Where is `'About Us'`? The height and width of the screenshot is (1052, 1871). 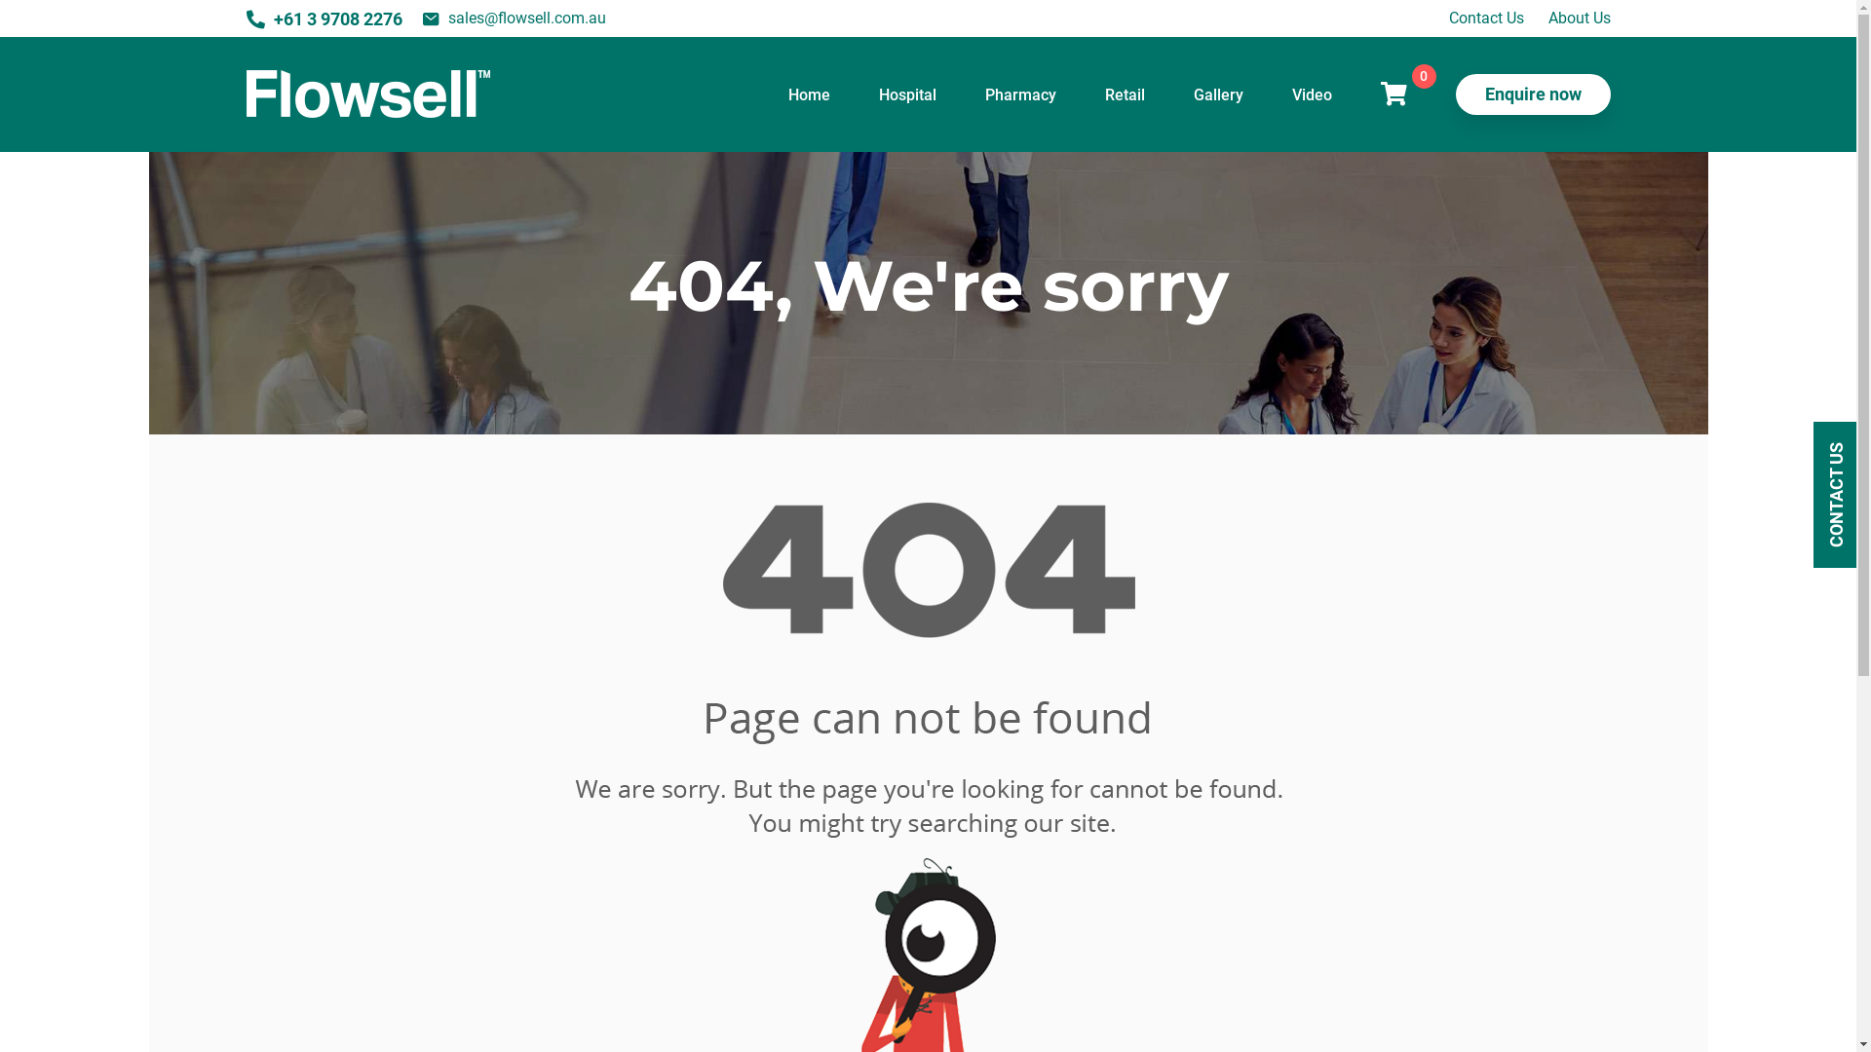
'About Us' is located at coordinates (1579, 18).